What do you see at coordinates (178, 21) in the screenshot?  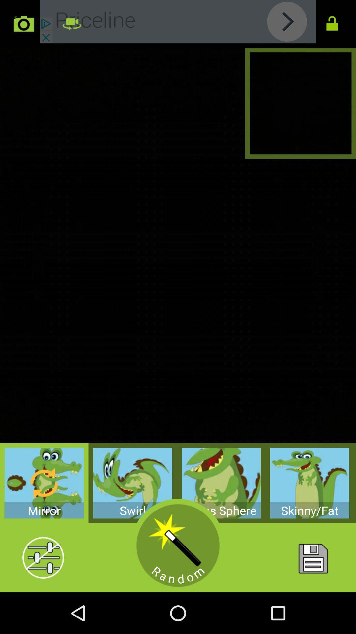 I see `advertisement button` at bounding box center [178, 21].